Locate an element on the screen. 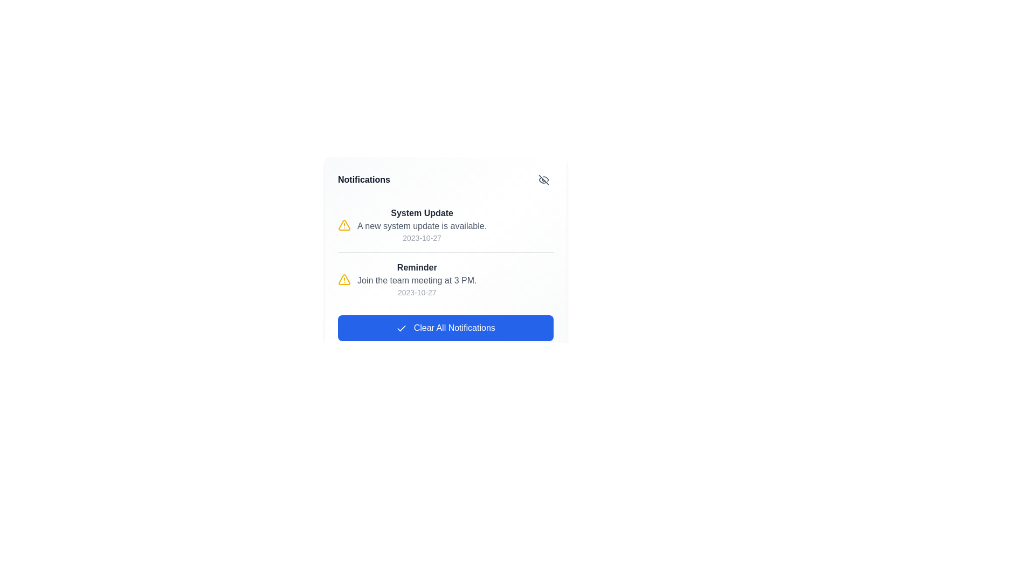 The height and width of the screenshot is (582, 1035). the Alert or Warning Symbol icon located at the start of the second notification row, which is directly to the left of the 'Reminder: Join the team meeting at 3 PM. 2023-10-27' text is located at coordinates (343, 279).